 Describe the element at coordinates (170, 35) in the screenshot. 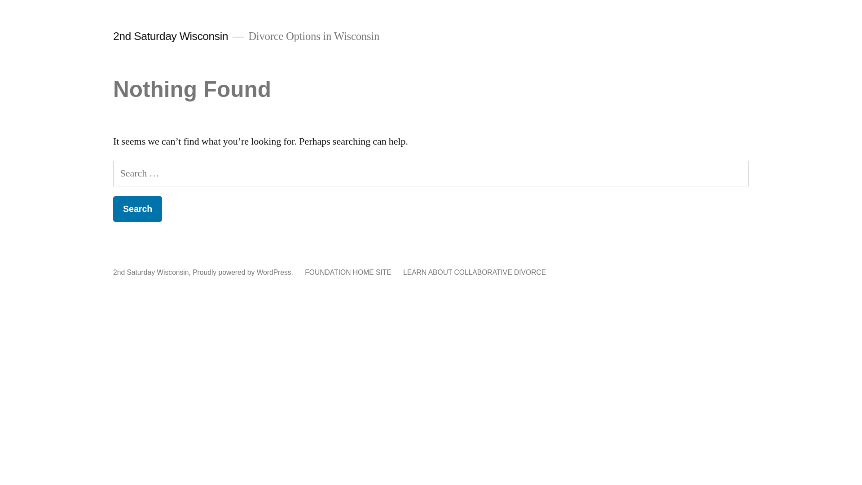

I see `'2nd Saturday Wisconsin'` at that location.